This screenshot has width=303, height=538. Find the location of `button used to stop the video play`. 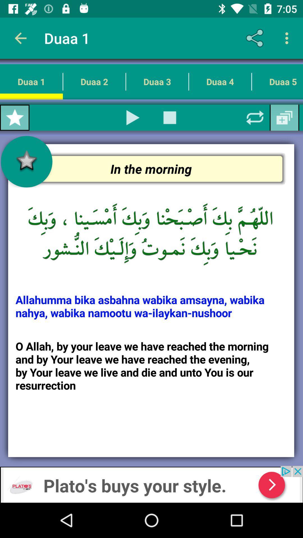

button used to stop the video play is located at coordinates (169, 117).